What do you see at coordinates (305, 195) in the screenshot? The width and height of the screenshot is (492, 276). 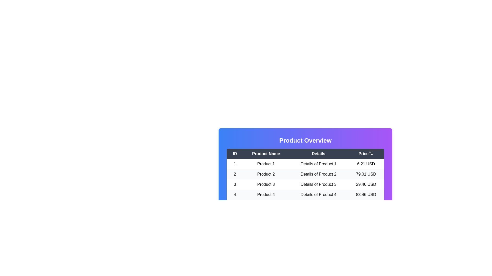 I see `the row corresponding to 4` at bounding box center [305, 195].